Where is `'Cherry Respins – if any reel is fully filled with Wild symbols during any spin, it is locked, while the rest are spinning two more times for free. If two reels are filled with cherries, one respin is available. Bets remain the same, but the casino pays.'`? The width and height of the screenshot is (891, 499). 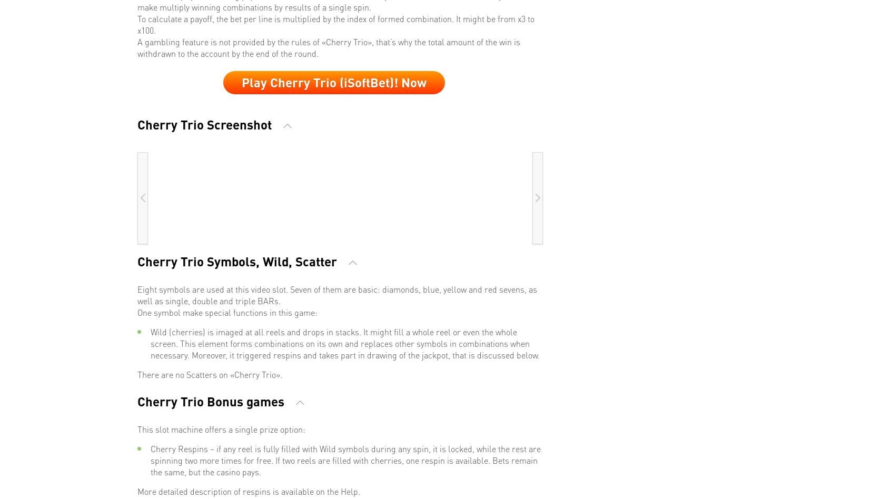
'Cherry Respins – if any reel is fully filled with Wild symbols during any spin, it is locked, while the rest are spinning two more times for free. If two reels are filled with cherries, one respin is available. Bets remain the same, but the casino pays.' is located at coordinates (345, 459).